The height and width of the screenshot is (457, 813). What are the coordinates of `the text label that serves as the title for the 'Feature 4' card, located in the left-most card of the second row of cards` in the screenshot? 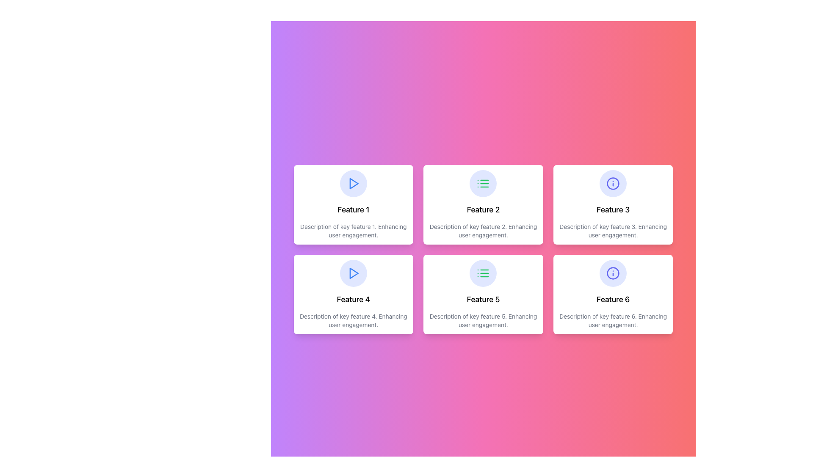 It's located at (353, 299).